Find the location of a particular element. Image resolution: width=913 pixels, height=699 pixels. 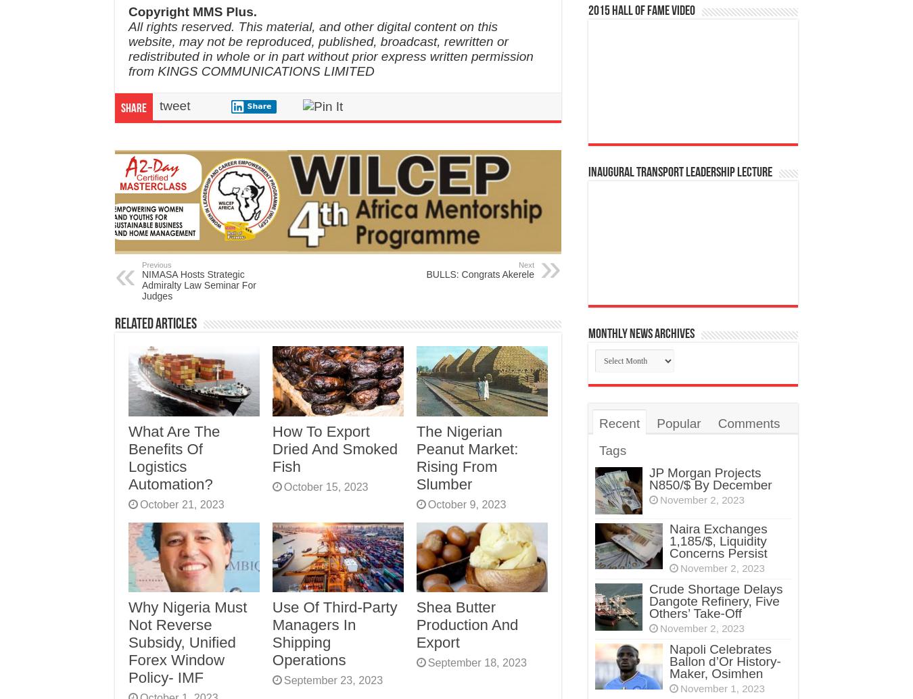

'September 23, 2023' is located at coordinates (332, 679).